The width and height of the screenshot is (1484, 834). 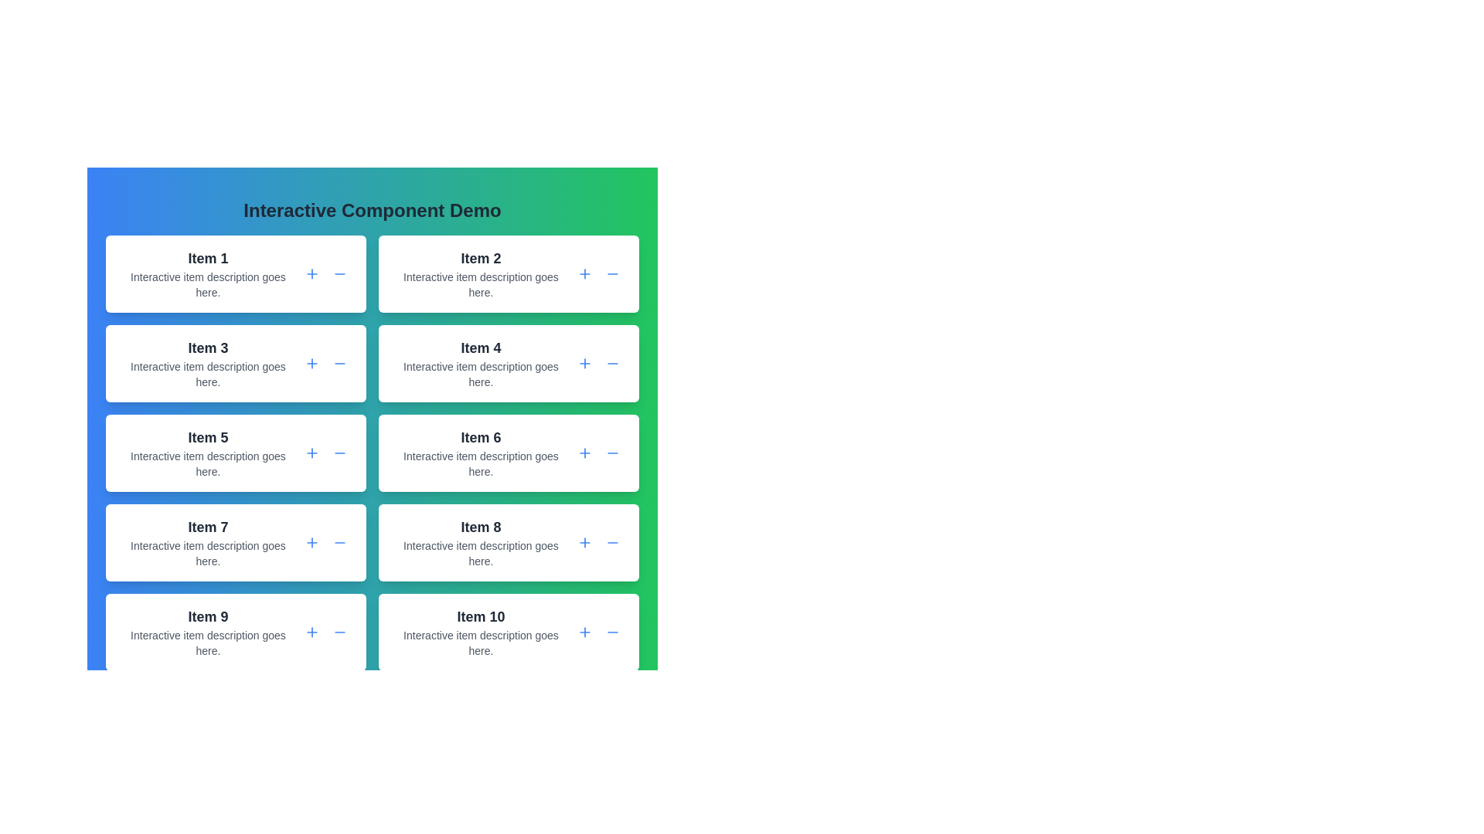 What do you see at coordinates (611, 363) in the screenshot?
I see `the horizontal straight line SVG icon` at bounding box center [611, 363].